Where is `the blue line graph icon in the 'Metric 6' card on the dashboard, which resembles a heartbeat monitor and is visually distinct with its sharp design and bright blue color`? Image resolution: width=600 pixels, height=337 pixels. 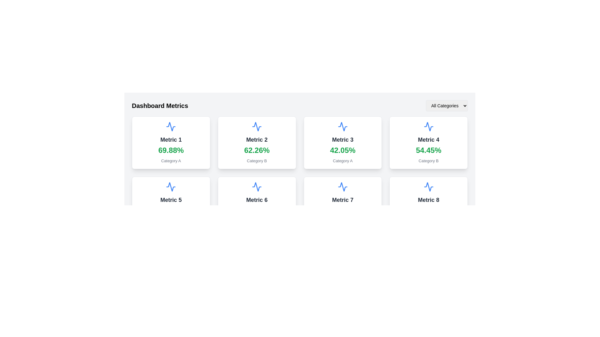
the blue line graph icon in the 'Metric 6' card on the dashboard, which resembles a heartbeat monitor and is visually distinct with its sharp design and bright blue color is located at coordinates (257, 187).